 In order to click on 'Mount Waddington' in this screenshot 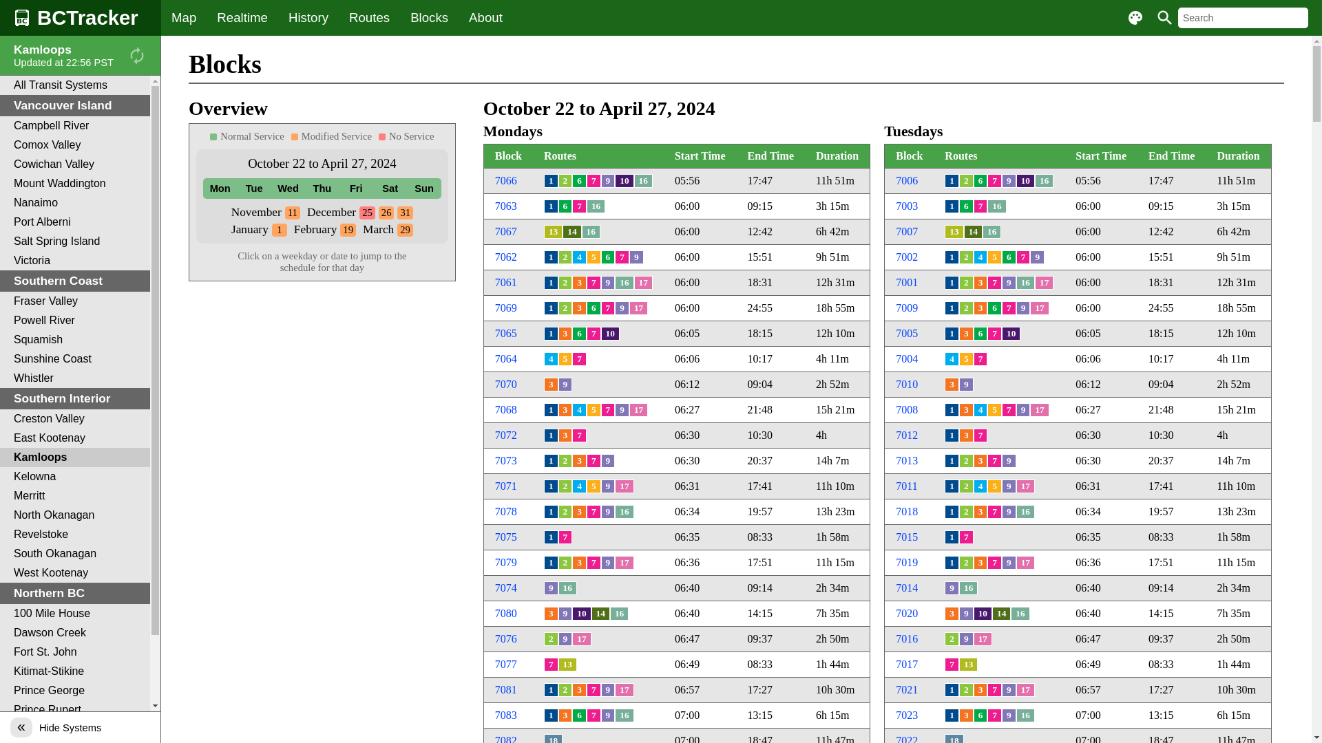, I will do `click(0, 182)`.